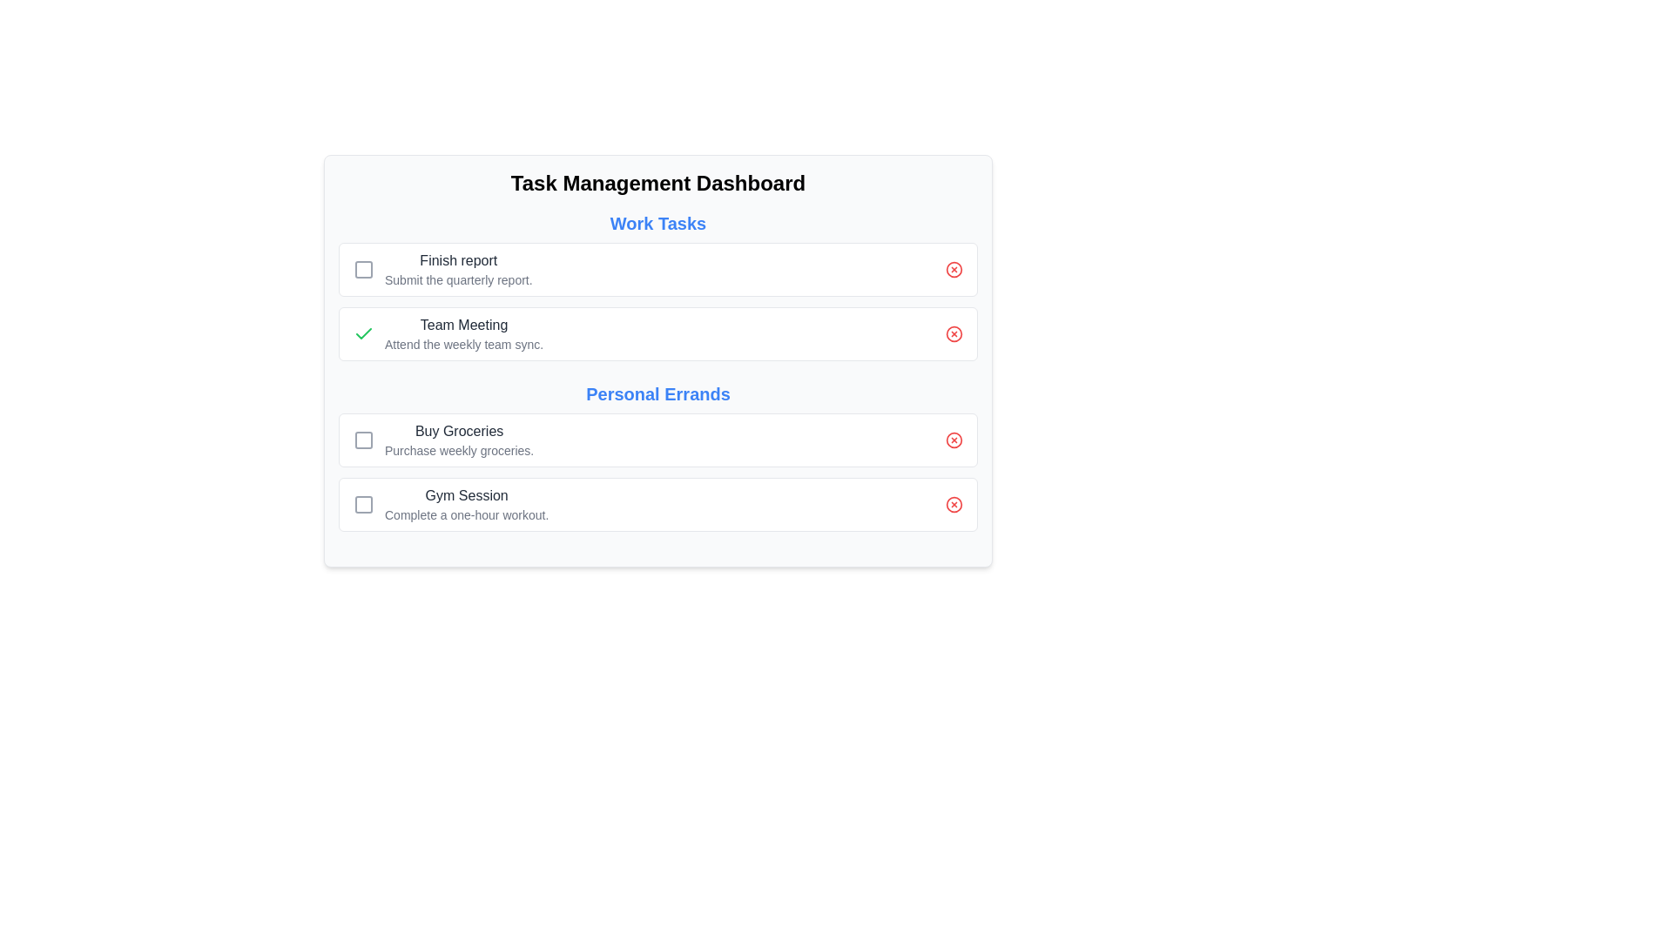 The image size is (1672, 940). Describe the element at coordinates (458, 269) in the screenshot. I see `the task display element labeled 'Finish report' which contains the text 'Submit the quarterly report.' in the Work Tasks section of the Task Management Dashboard` at that location.